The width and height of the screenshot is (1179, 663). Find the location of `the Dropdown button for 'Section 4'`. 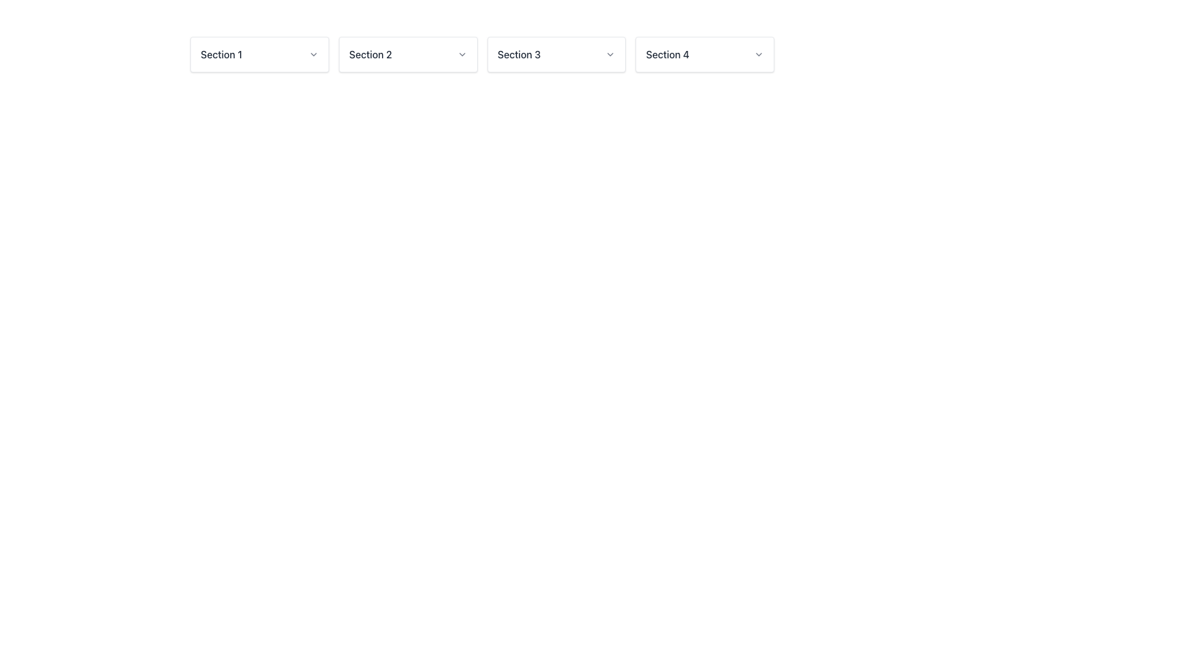

the Dropdown button for 'Section 4' is located at coordinates (705, 53).